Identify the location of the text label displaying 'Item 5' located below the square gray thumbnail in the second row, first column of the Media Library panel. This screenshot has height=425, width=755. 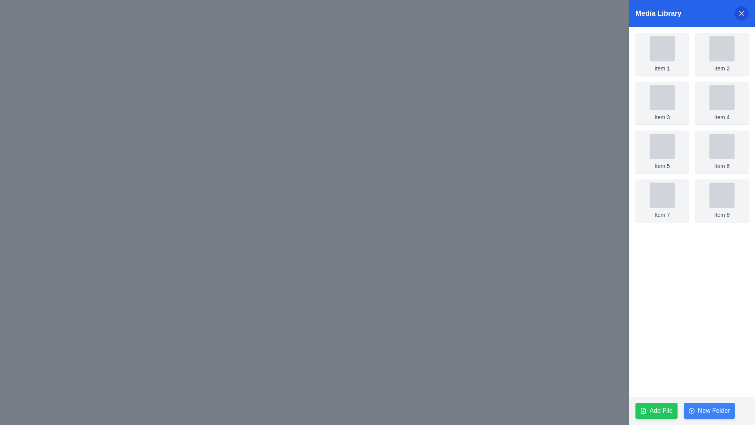
(662, 165).